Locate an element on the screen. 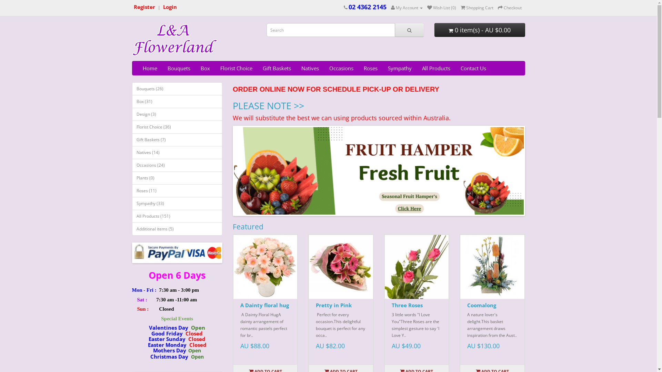  'Three Roses' is located at coordinates (416, 266).